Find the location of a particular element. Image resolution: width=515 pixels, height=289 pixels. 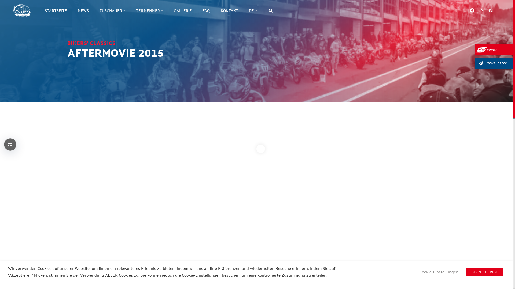

'NEWSLETTER' is located at coordinates (494, 63).